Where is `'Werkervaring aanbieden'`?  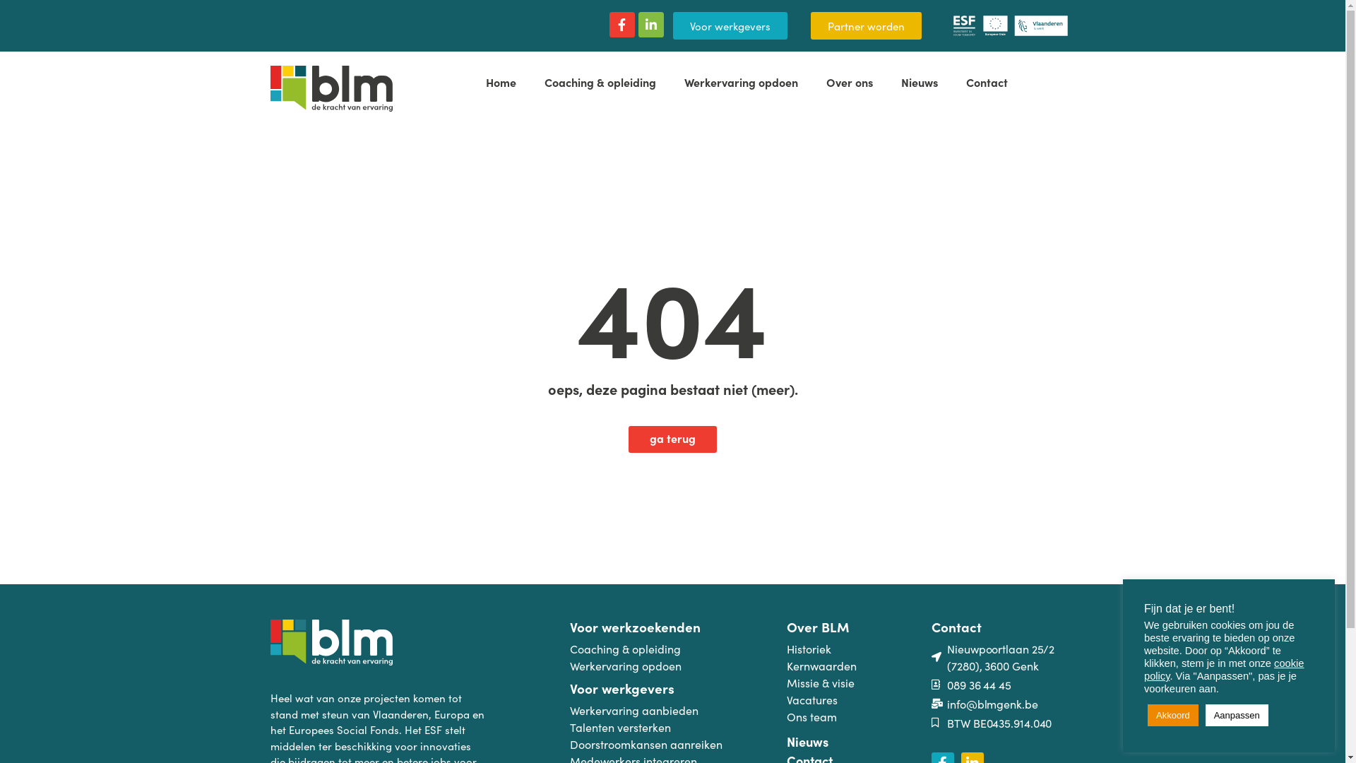
'Werkervaring aanbieden' is located at coordinates (678, 710).